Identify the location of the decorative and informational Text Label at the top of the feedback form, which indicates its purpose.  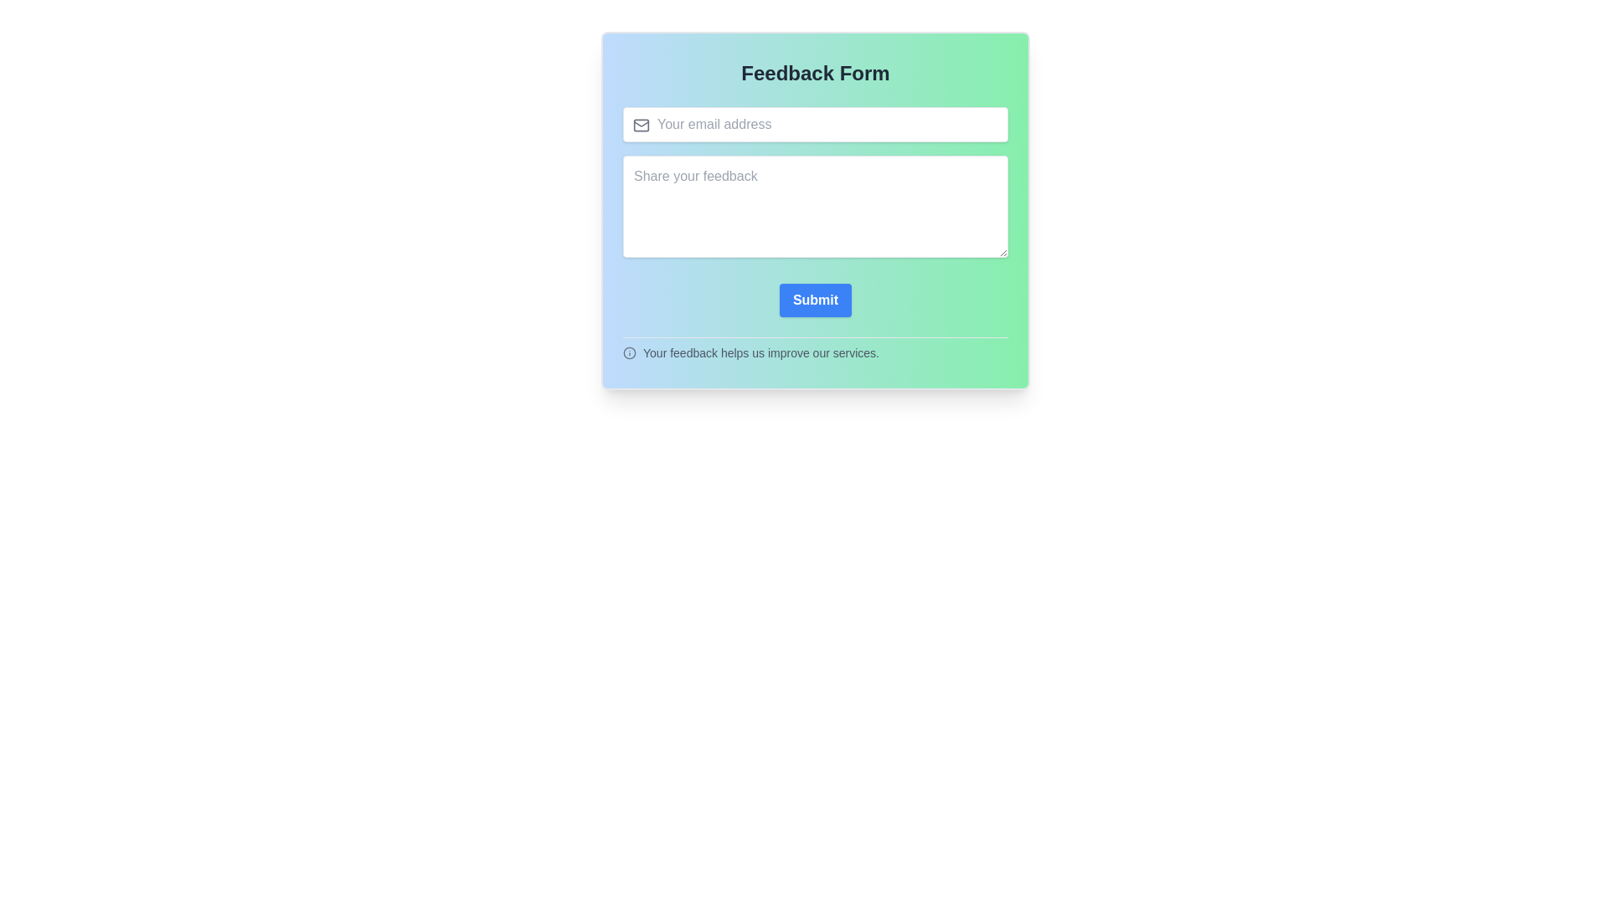
(816, 73).